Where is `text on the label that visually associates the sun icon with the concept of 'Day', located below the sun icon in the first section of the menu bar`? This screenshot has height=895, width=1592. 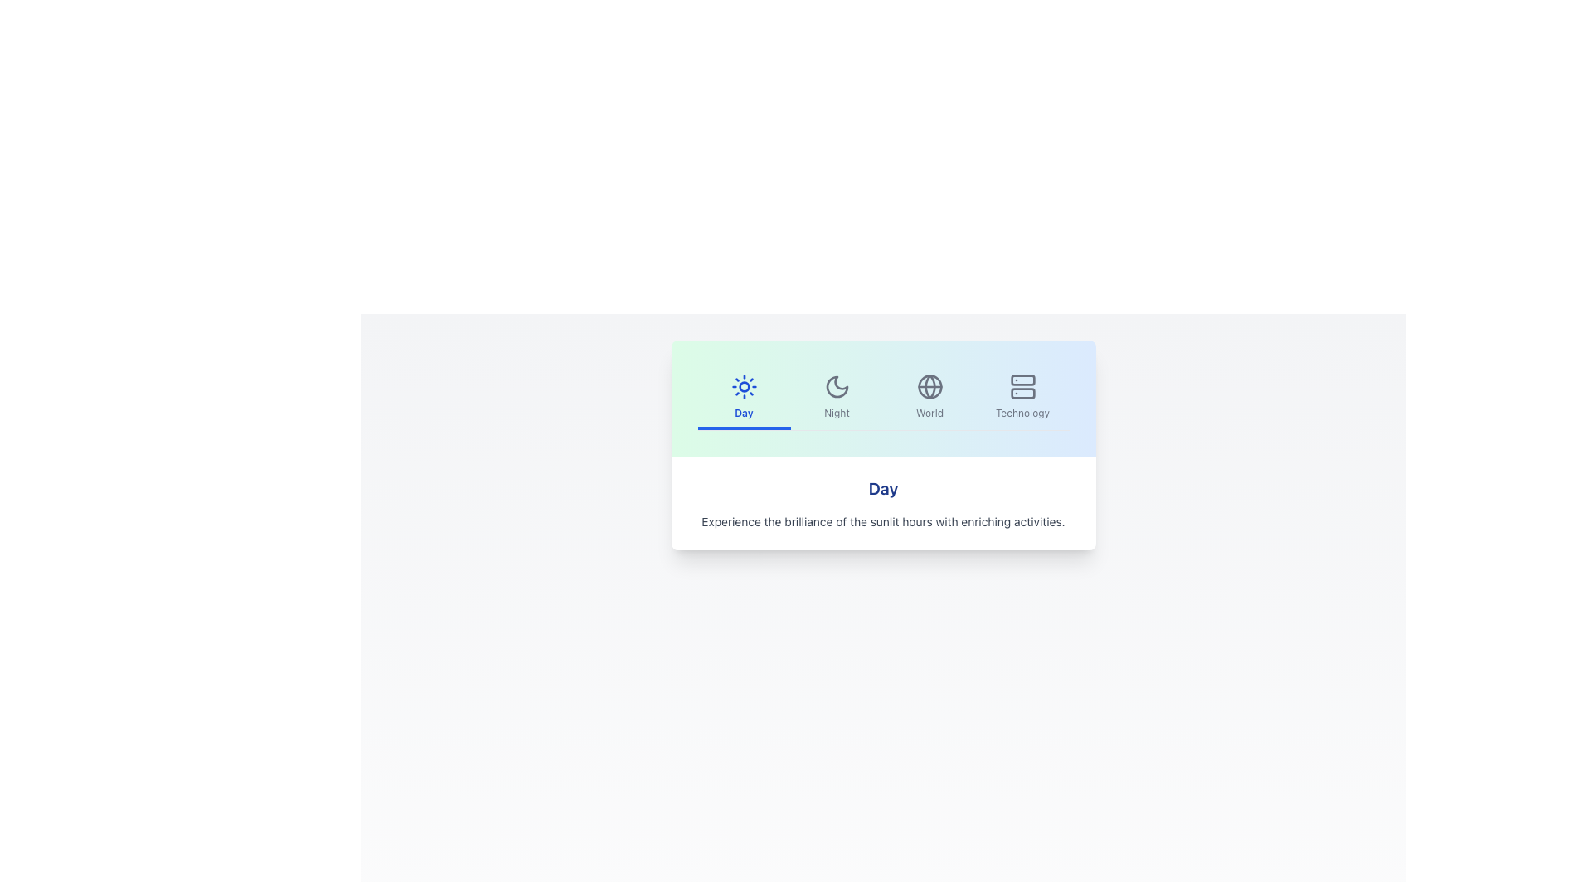 text on the label that visually associates the sun icon with the concept of 'Day', located below the sun icon in the first section of the menu bar is located at coordinates (743, 412).